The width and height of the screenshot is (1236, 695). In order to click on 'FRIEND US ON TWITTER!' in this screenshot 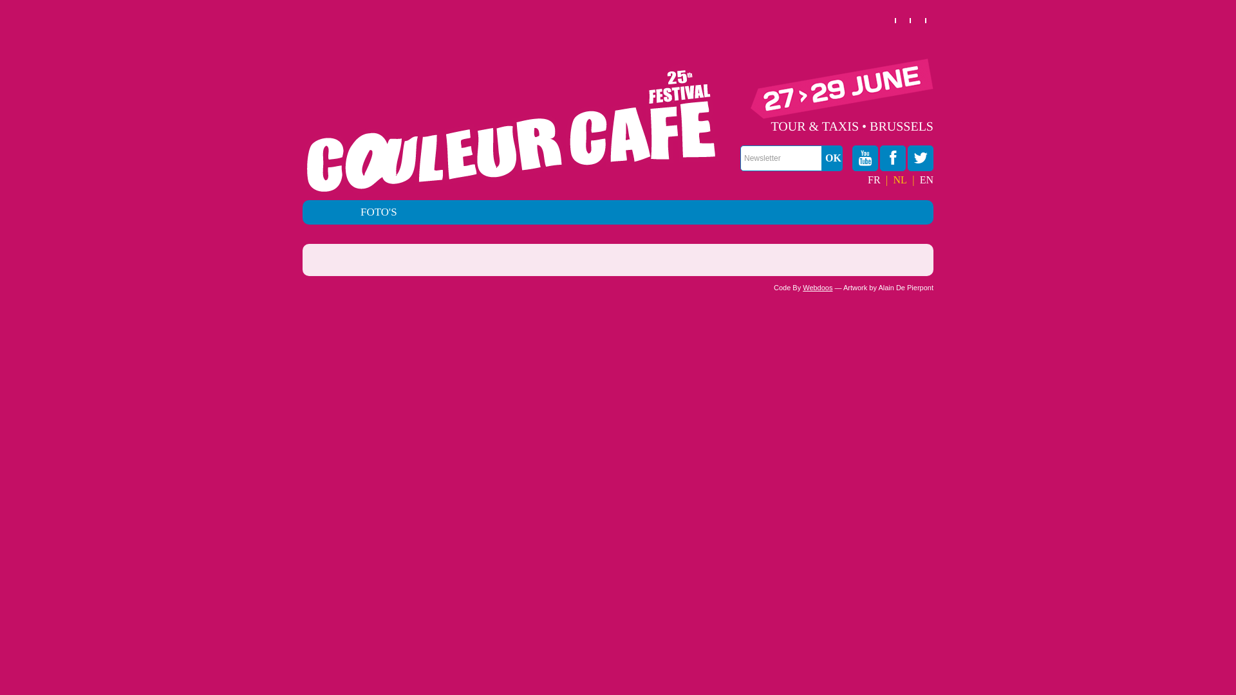, I will do `click(920, 158)`.